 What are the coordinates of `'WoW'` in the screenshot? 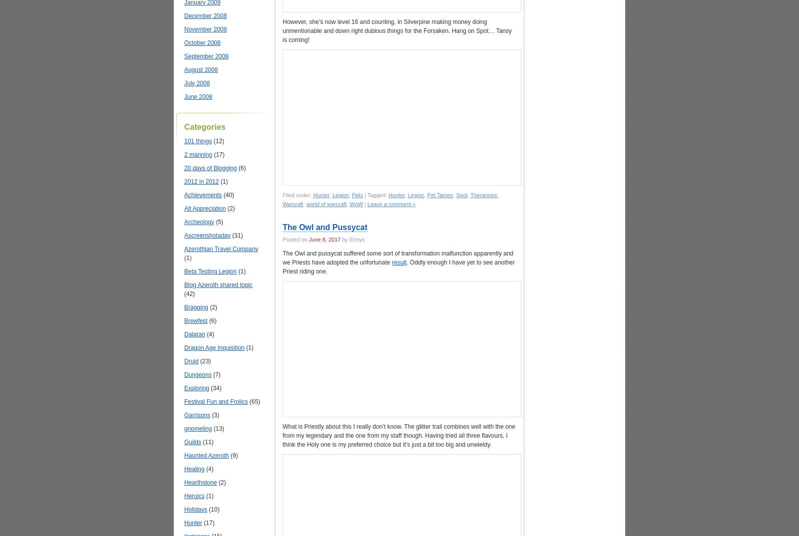 It's located at (356, 204).